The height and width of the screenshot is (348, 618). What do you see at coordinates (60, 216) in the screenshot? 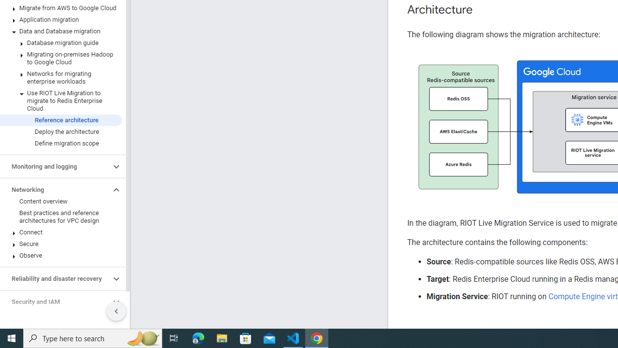
I see `'Best practices and reference architectures for VPC design'` at bounding box center [60, 216].